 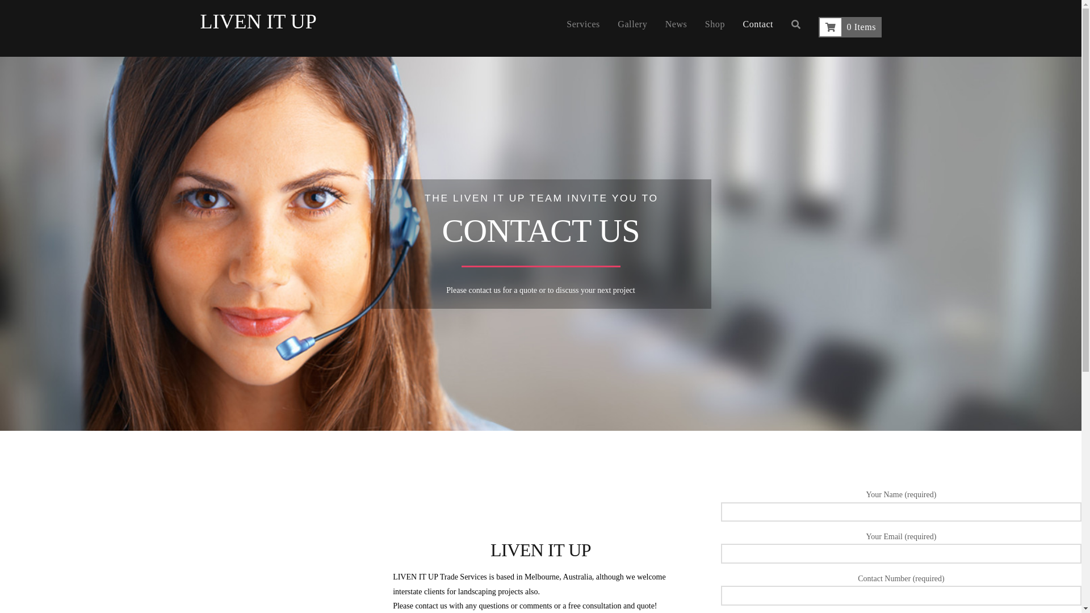 What do you see at coordinates (714, 28) in the screenshot?
I see `'Shop'` at bounding box center [714, 28].